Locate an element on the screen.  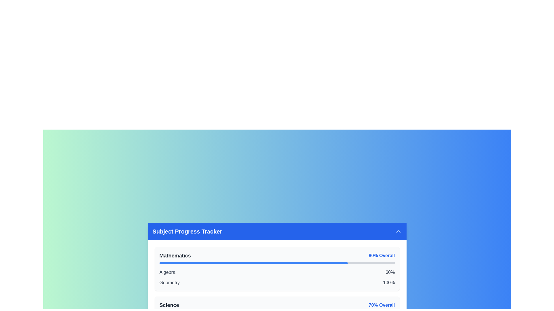
the interactive subtexts within the 'Mathematics' section that displays progress percentages for Algebra and Geometry is located at coordinates (277, 277).